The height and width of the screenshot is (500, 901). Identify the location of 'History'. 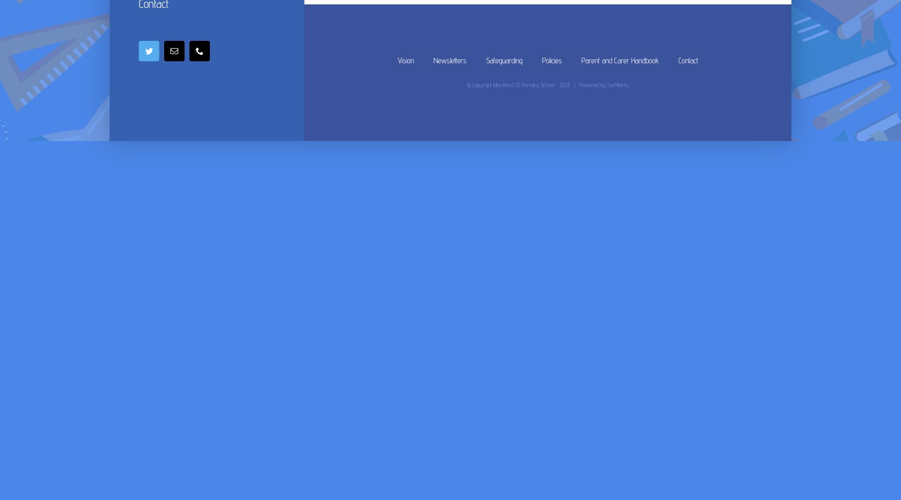
(497, 27).